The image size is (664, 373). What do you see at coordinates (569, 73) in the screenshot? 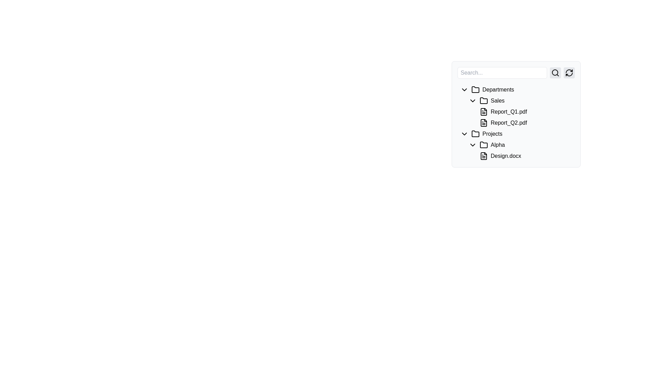
I see `the circular refresh button located in the top-right corner of the sidebar panel, adjacent to the search bar and following the magnifying glass icon to refresh the content` at bounding box center [569, 73].